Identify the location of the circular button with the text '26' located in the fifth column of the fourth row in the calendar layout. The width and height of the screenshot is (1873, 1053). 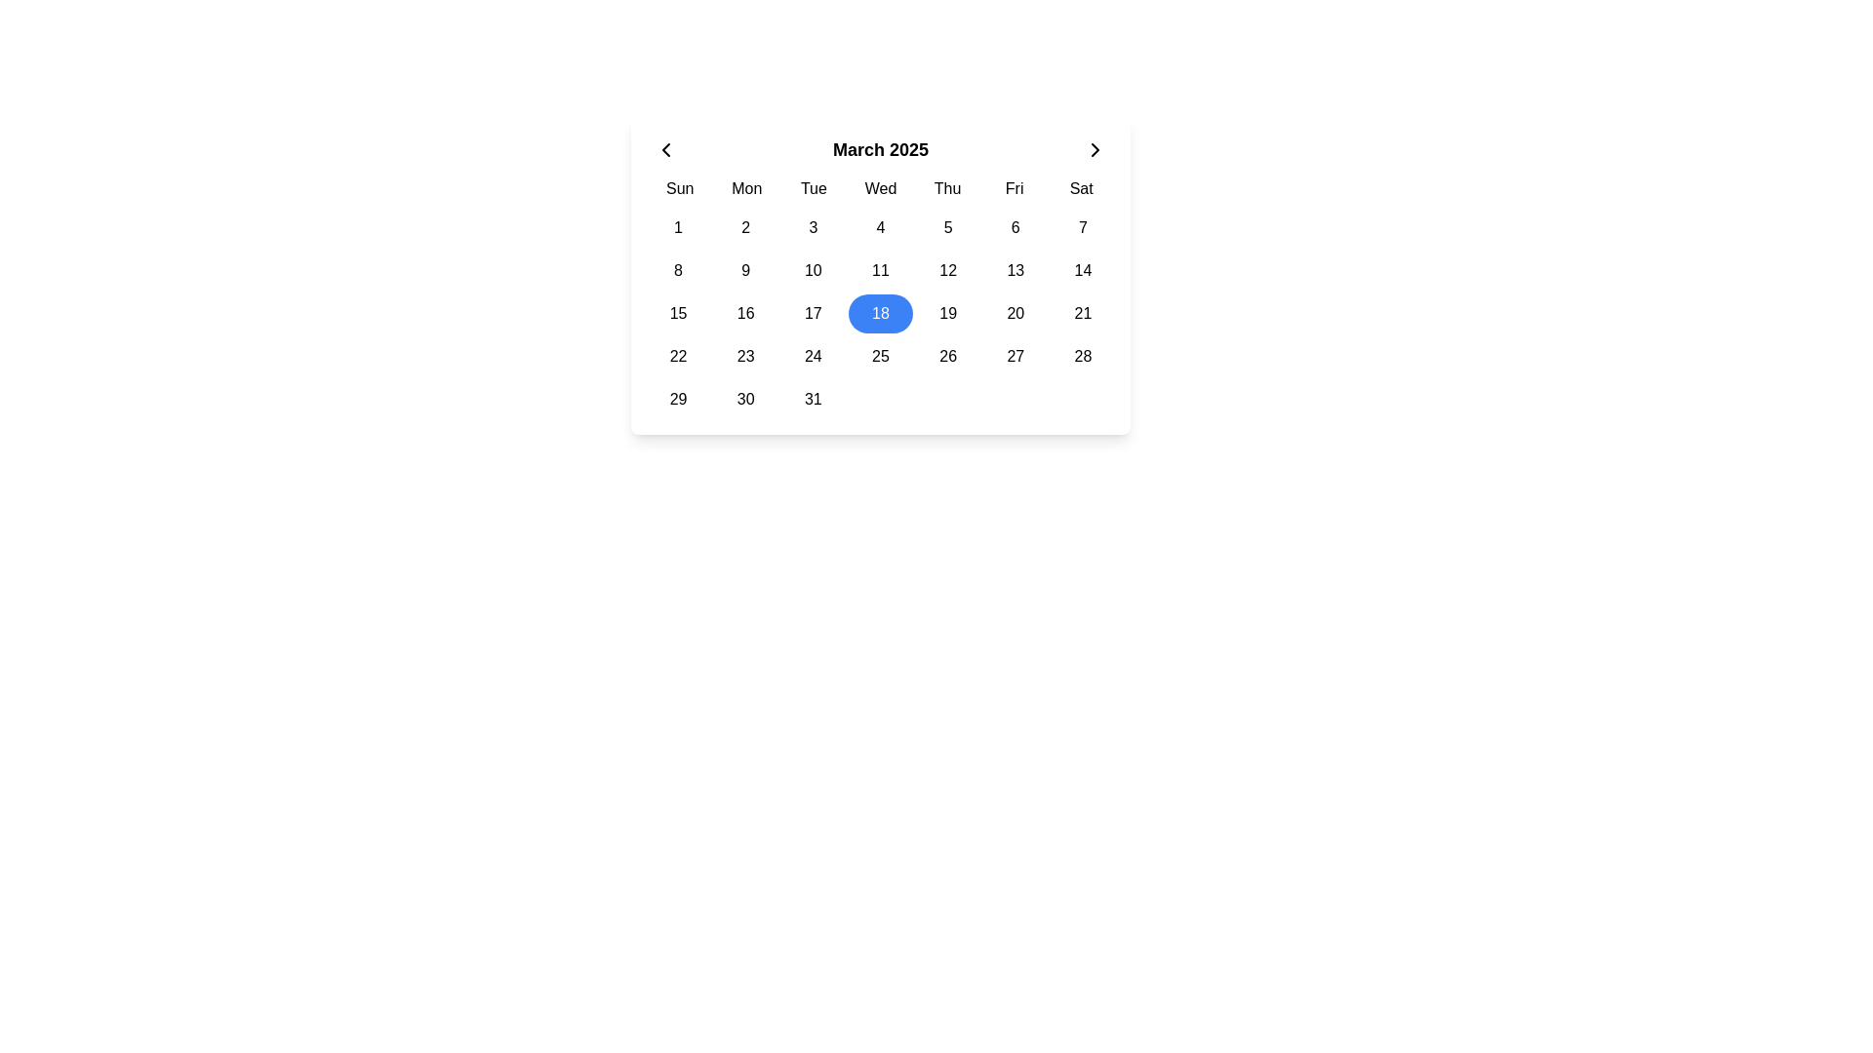
(948, 357).